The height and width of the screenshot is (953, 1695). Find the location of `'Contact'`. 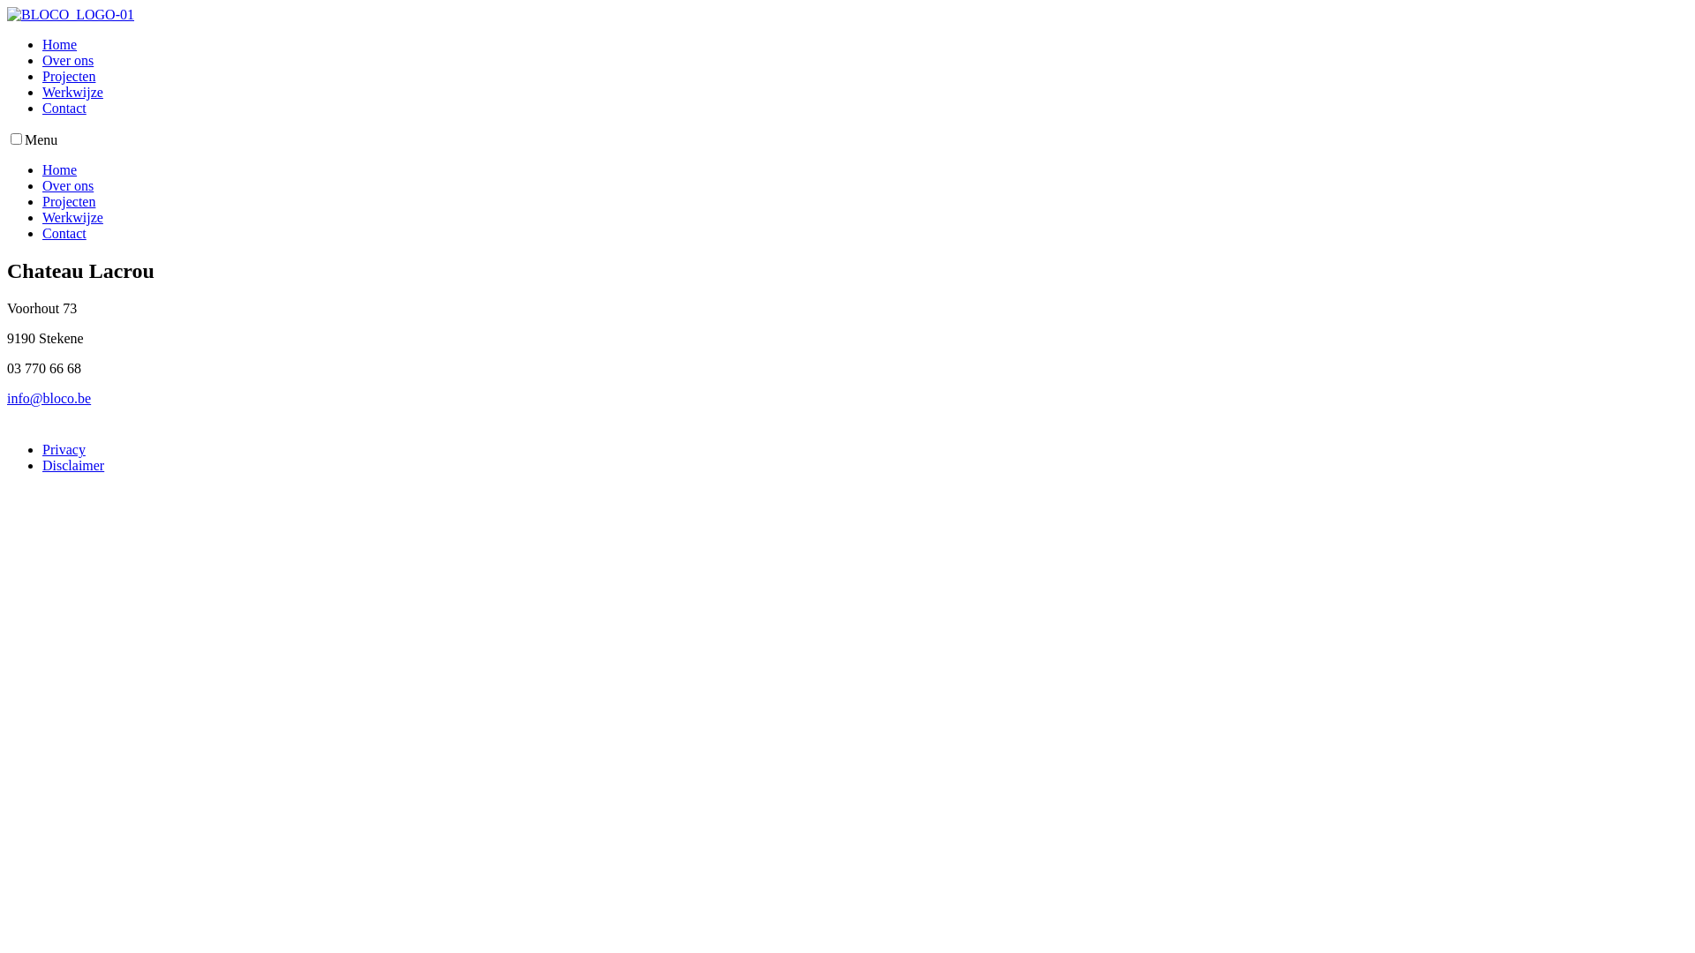

'Contact' is located at coordinates (64, 232).